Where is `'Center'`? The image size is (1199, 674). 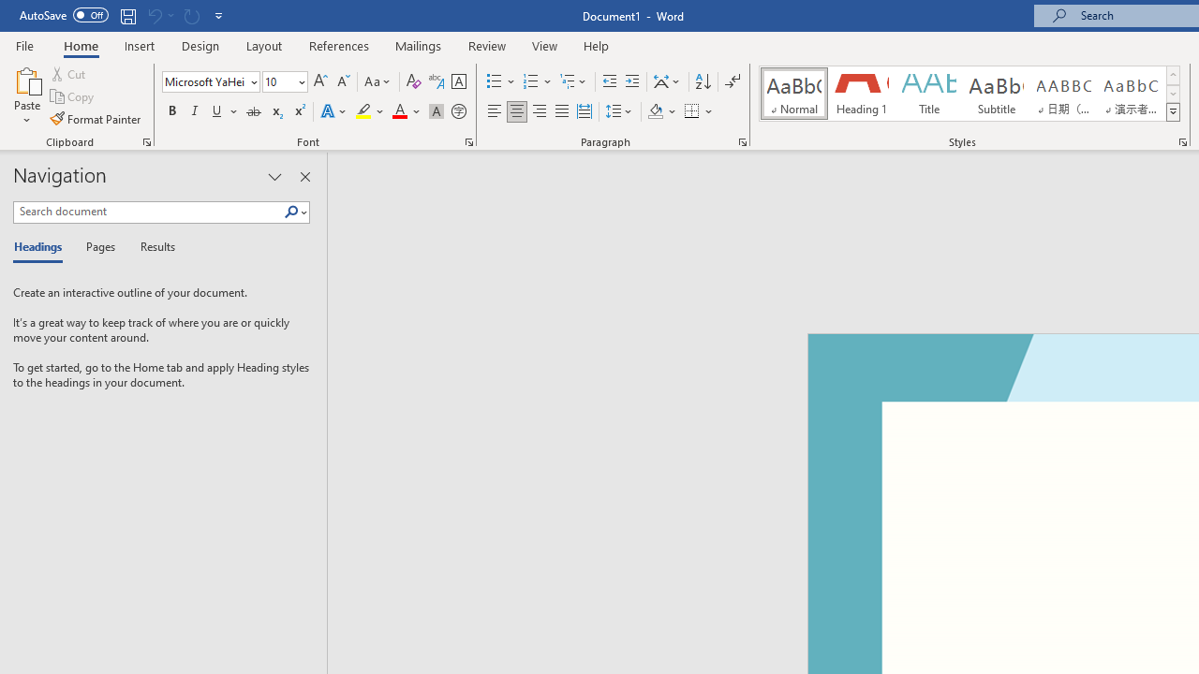 'Center' is located at coordinates (517, 111).